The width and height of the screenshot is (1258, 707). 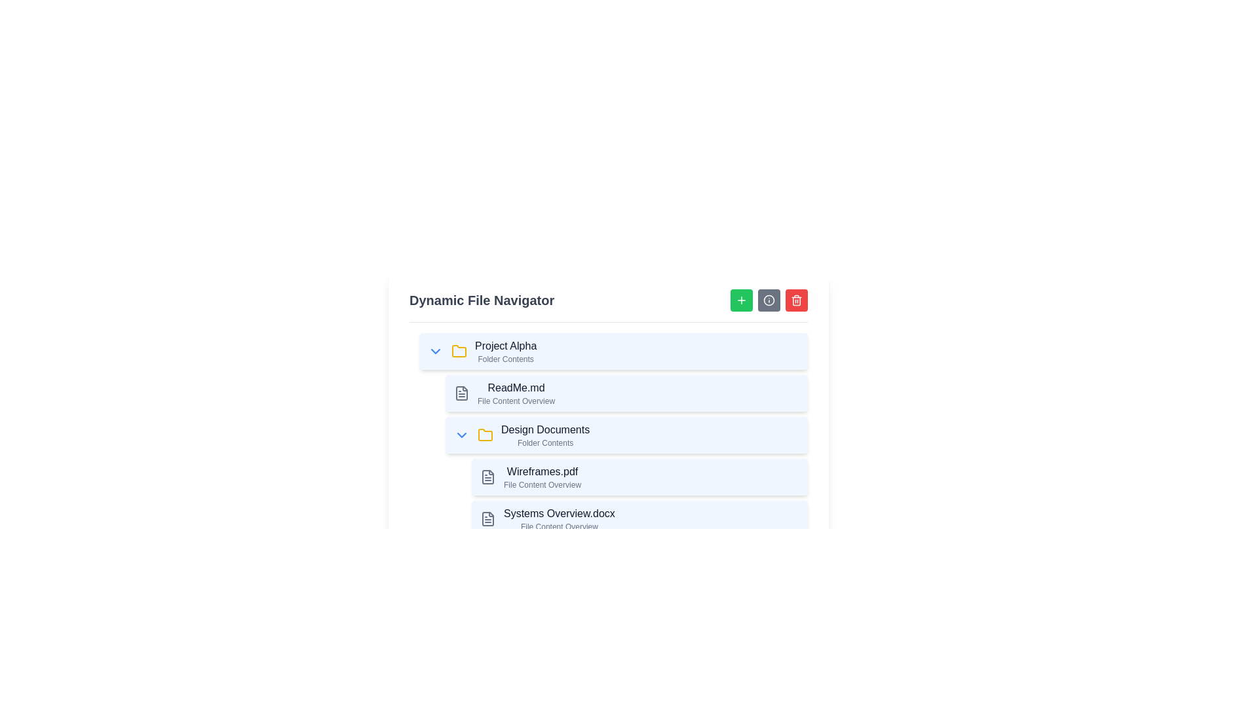 What do you see at coordinates (462, 435) in the screenshot?
I see `the downward-facing chevron toggle icon located in the header of the 'Design Documents' folder in the file navigator` at bounding box center [462, 435].